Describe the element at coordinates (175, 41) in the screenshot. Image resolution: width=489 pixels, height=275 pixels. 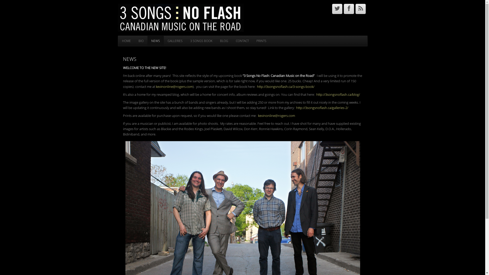
I see `'GALLERIES'` at that location.